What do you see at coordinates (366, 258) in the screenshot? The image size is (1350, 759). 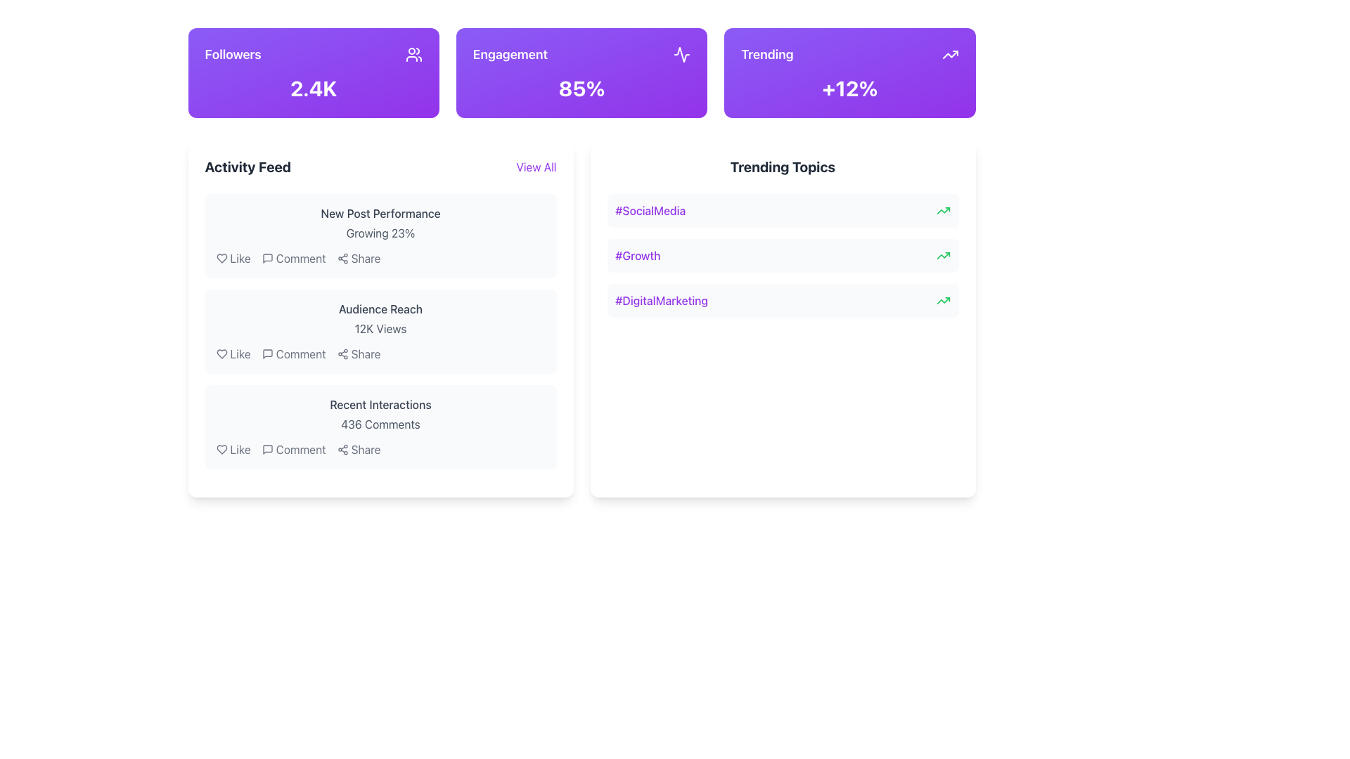 I see `the label associated with the share functionality in the 'Activity Feed' section, located below the share icon and to the right of the 'Comment' text` at bounding box center [366, 258].